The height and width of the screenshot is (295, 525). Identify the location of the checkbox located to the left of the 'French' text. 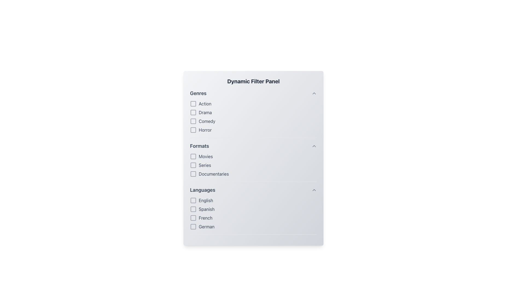
(193, 218).